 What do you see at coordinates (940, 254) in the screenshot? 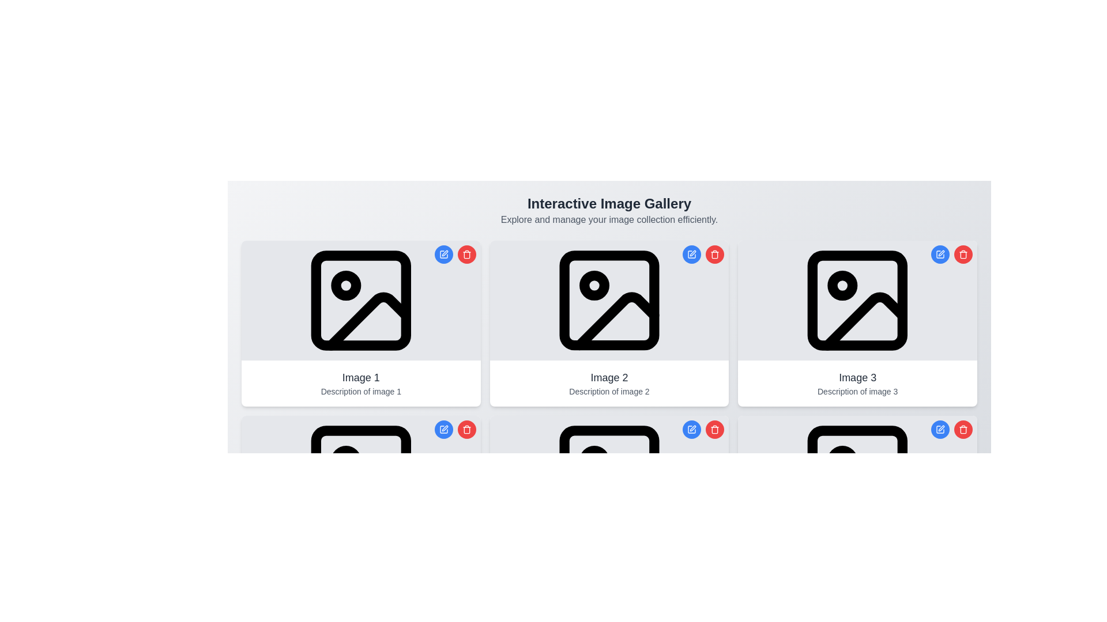
I see `the circular blue button with a pencil icon located in the top-right corner of the card labeled 'Image 3'` at bounding box center [940, 254].